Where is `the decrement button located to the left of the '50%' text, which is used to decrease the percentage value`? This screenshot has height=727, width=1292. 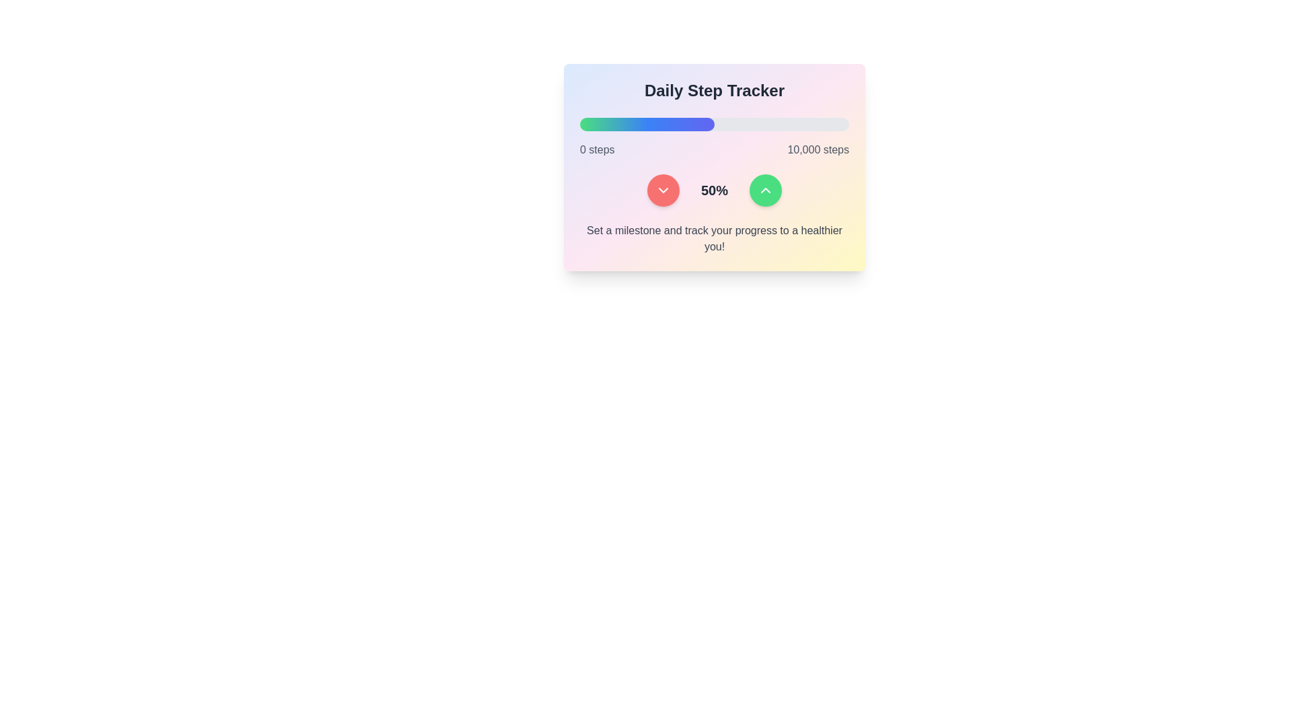 the decrement button located to the left of the '50%' text, which is used to decrease the percentage value is located at coordinates (663, 190).